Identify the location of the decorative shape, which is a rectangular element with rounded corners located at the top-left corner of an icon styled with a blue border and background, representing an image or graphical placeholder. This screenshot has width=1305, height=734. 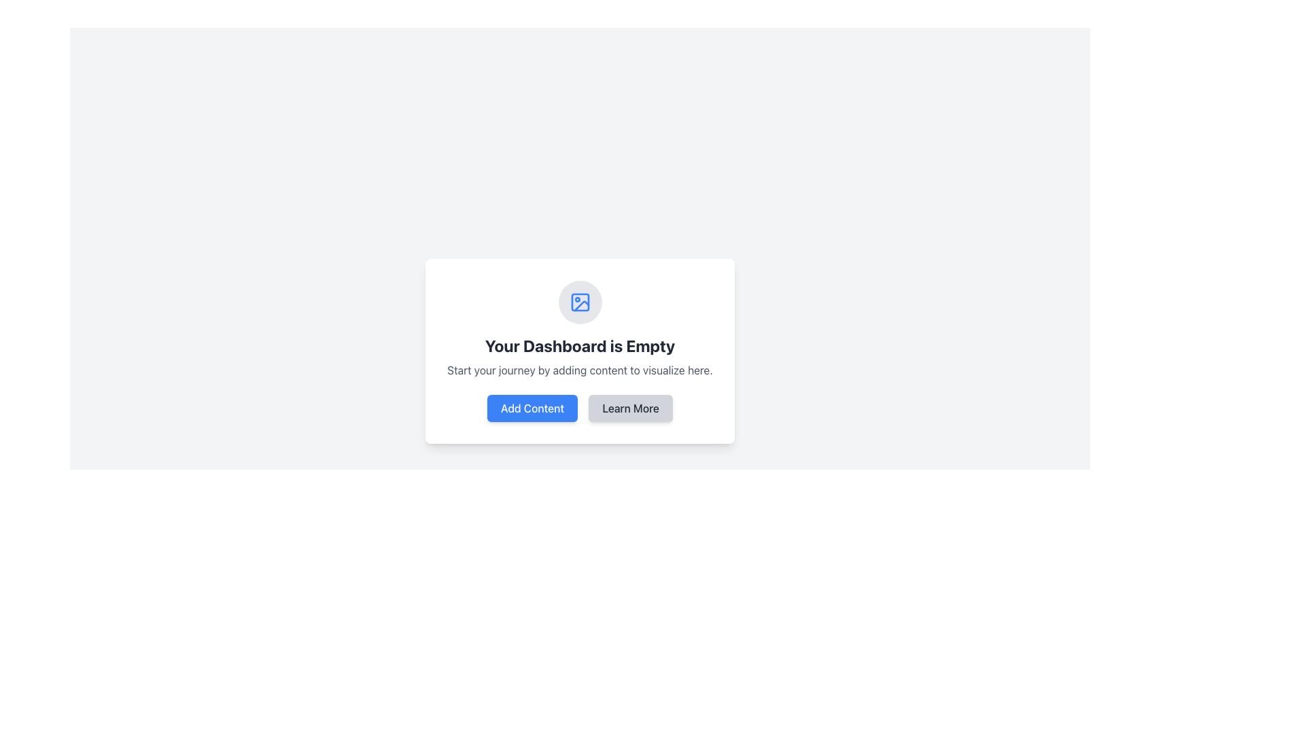
(580, 301).